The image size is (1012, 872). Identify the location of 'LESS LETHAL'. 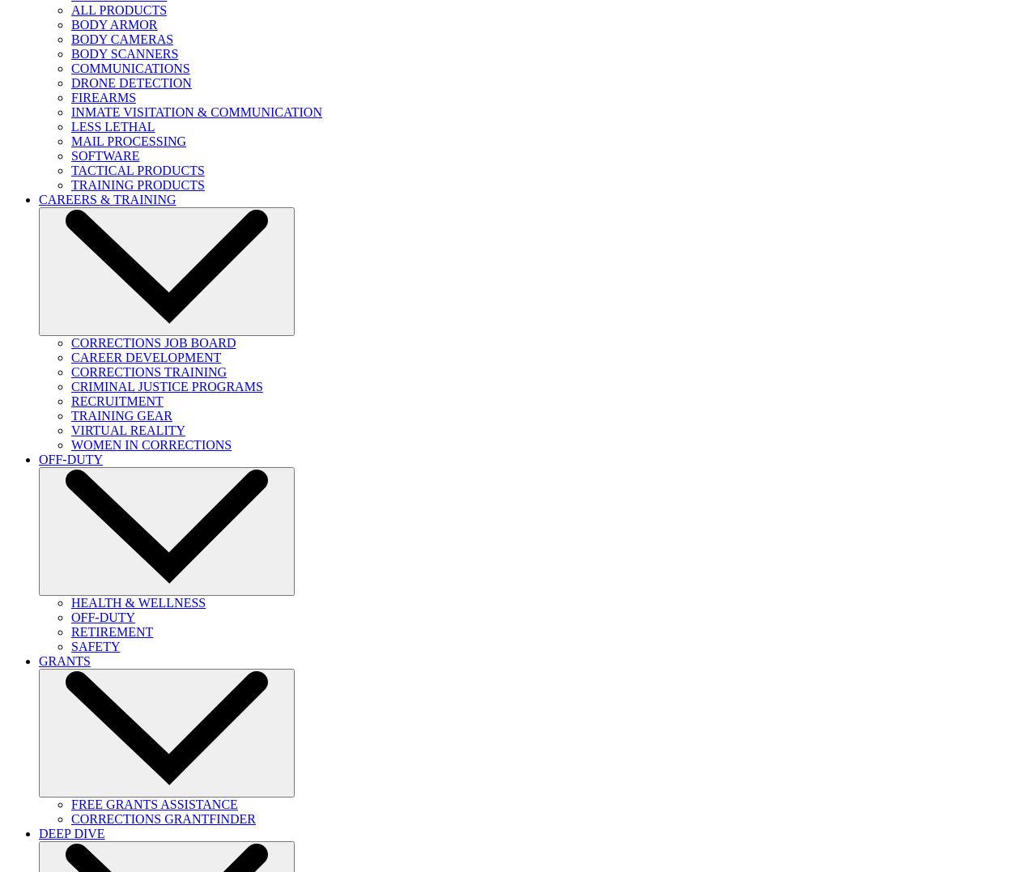
(113, 126).